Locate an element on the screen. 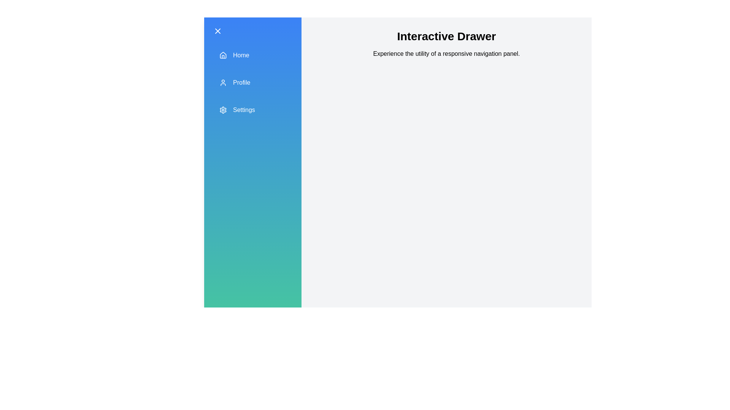 This screenshot has height=410, width=730. the drawer item labeled Profile to observe the hover effect is located at coordinates (253, 83).